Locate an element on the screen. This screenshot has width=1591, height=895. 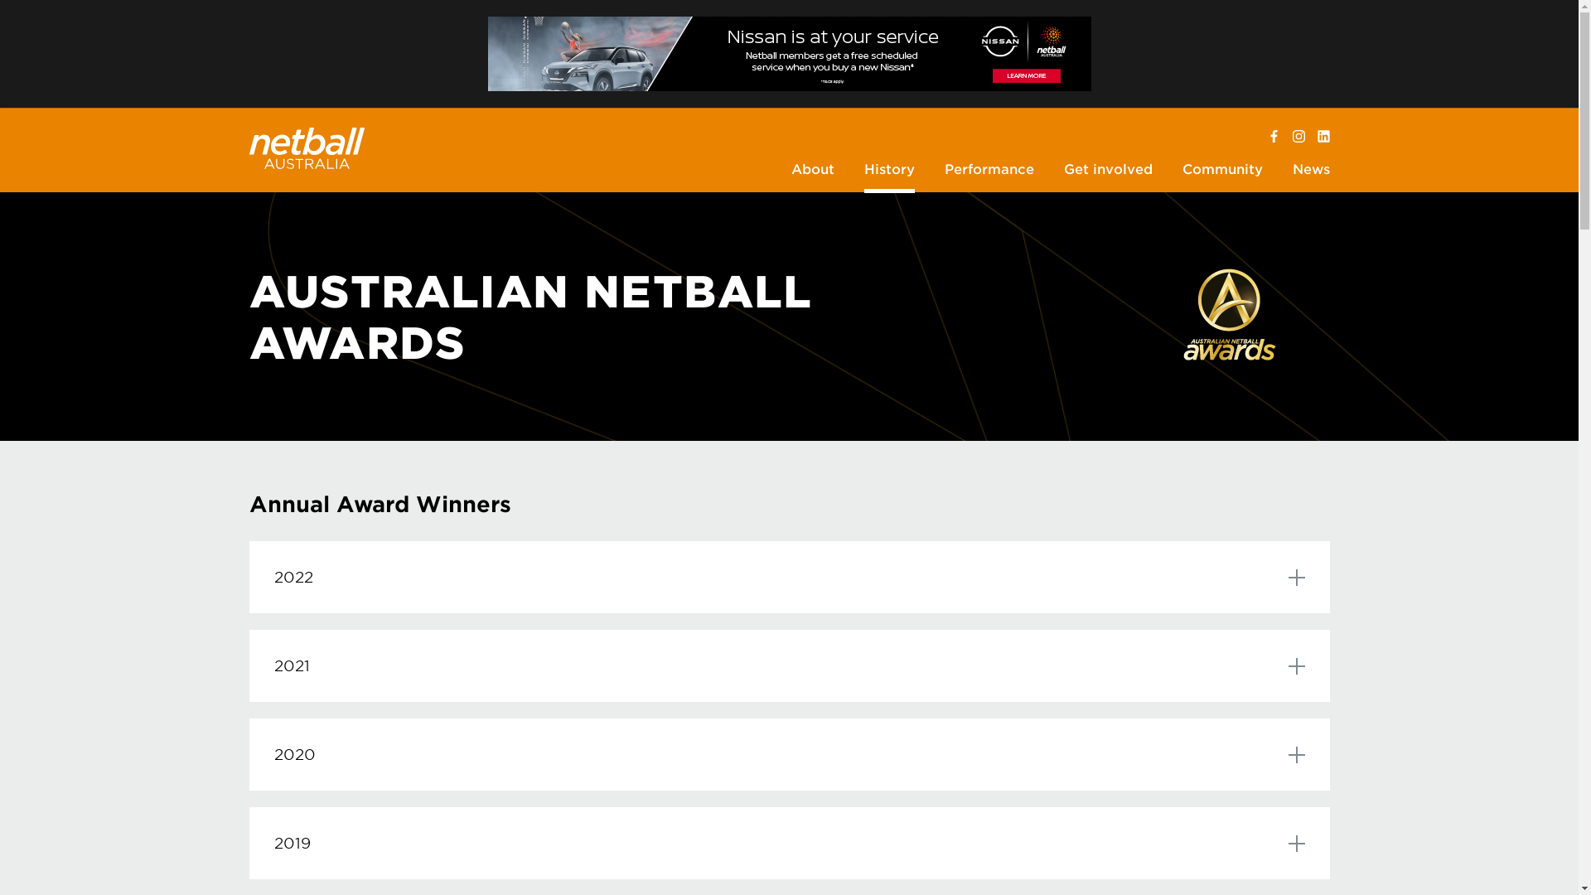
'Get involved' is located at coordinates (1107, 171).